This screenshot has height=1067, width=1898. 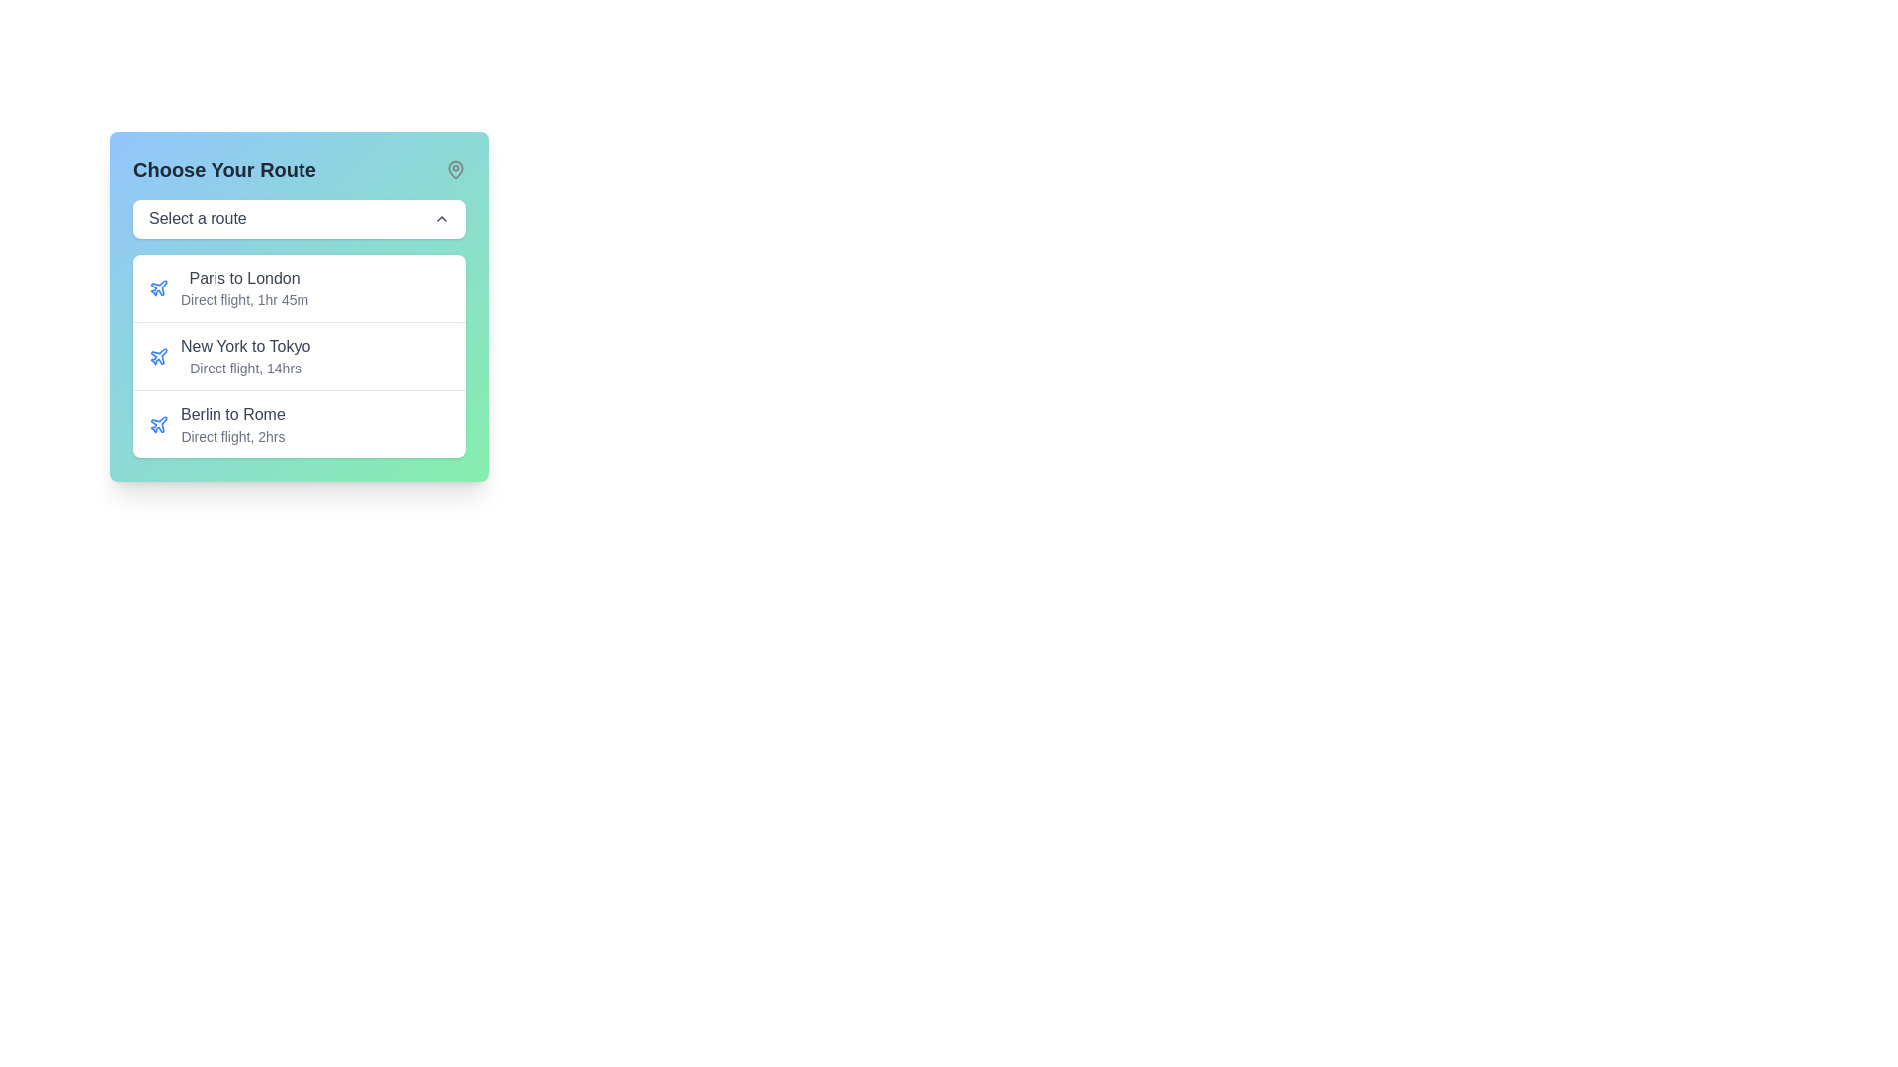 What do you see at coordinates (440, 219) in the screenshot?
I see `the chevron icon located at the top-right corner of the 'Select a route' input box in the 'Choose Your Route' card, which indicates the dropdown menu functionality` at bounding box center [440, 219].